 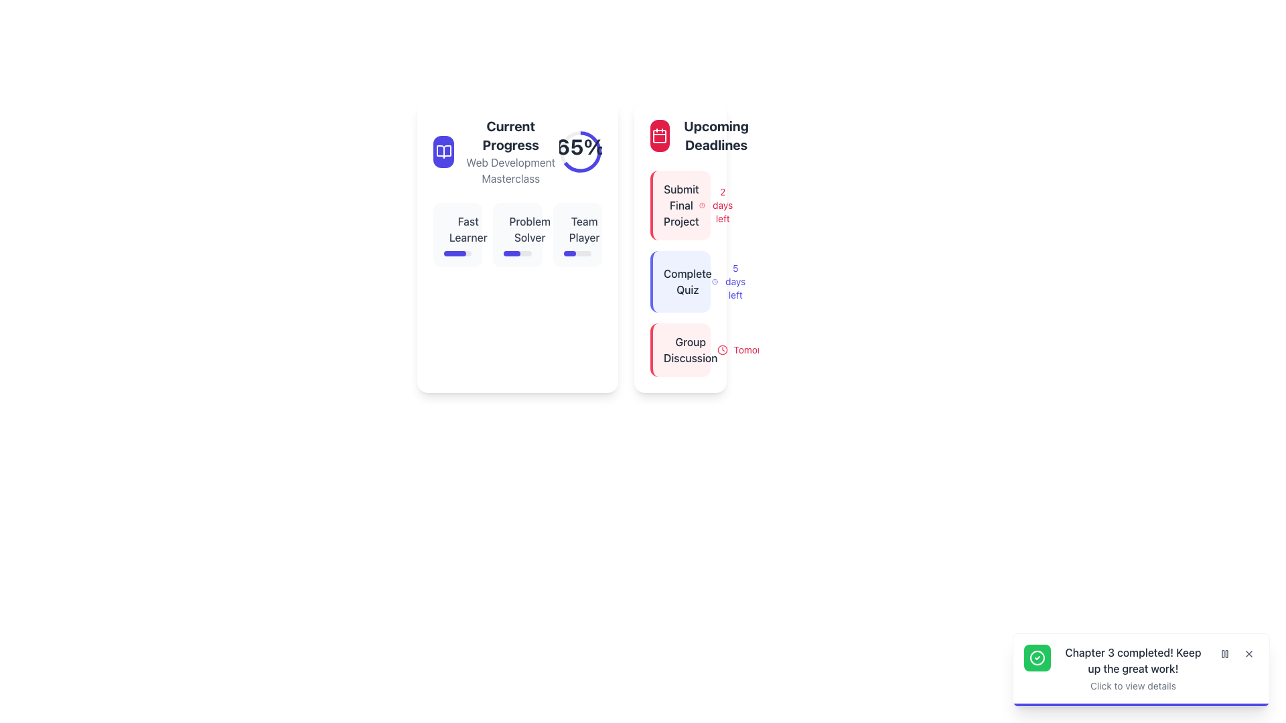 I want to click on the icon representing the 'Upcoming Deadlines' section located at the top of the second card, so click(x=660, y=136).